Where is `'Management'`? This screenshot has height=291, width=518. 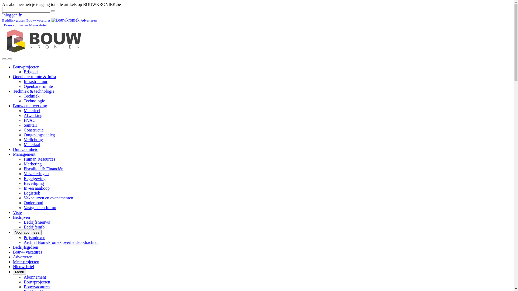
'Management' is located at coordinates (13, 154).